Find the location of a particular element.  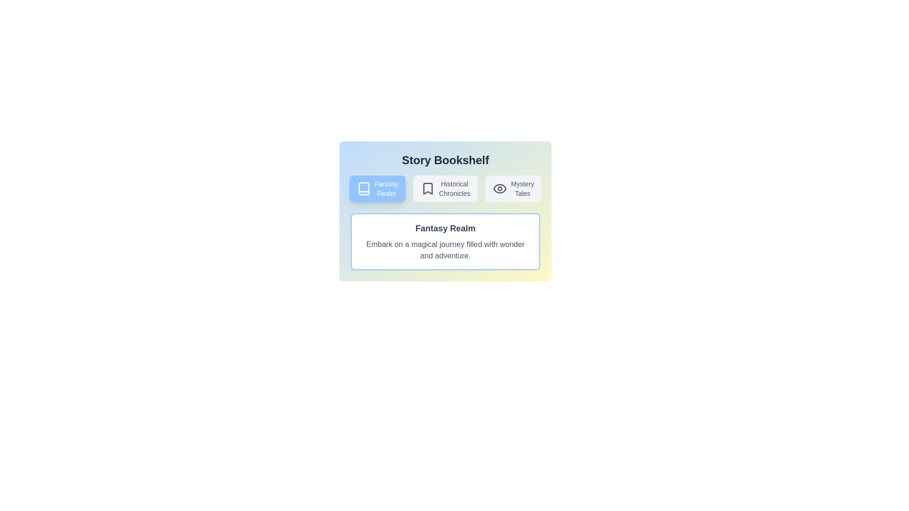

the story tab labeled Historical Chronicles to view its details is located at coordinates (445, 188).